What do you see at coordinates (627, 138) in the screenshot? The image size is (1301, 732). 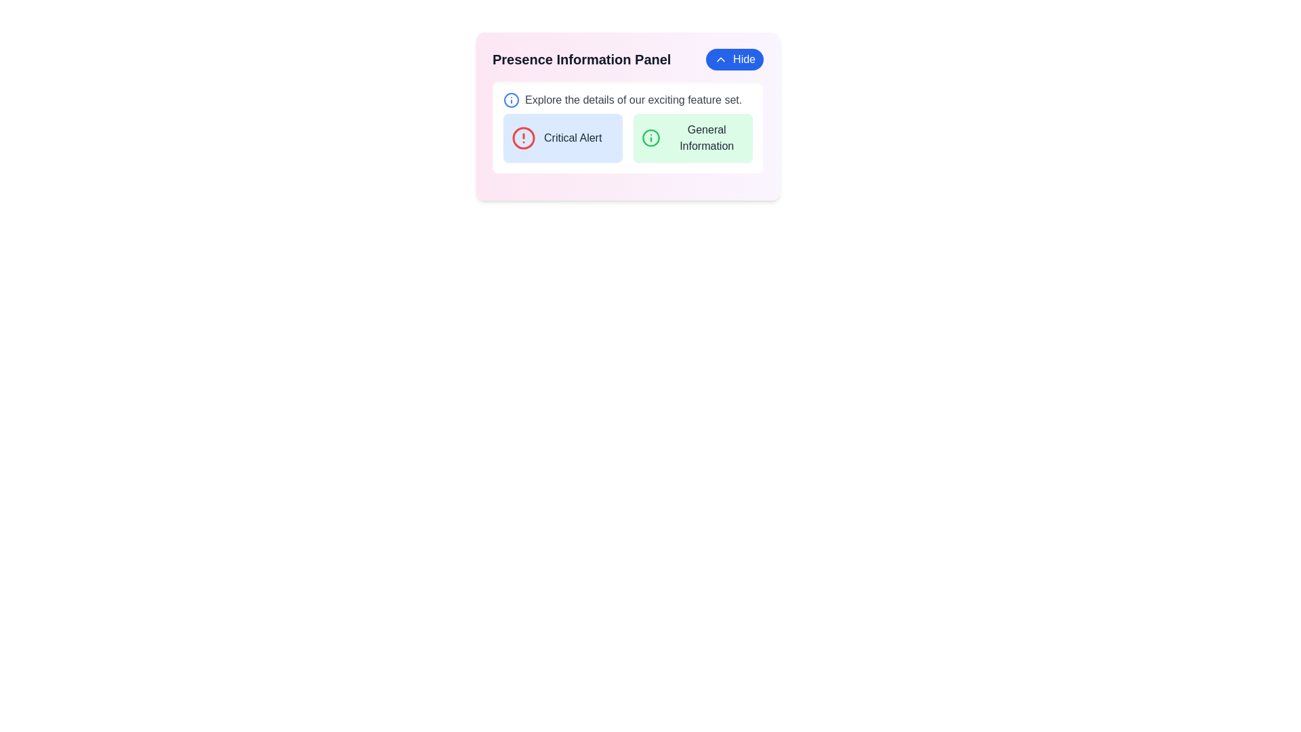 I see `the 'Critical Alert' and 'General Information' panels of the Grid-based item group for more information` at bounding box center [627, 138].